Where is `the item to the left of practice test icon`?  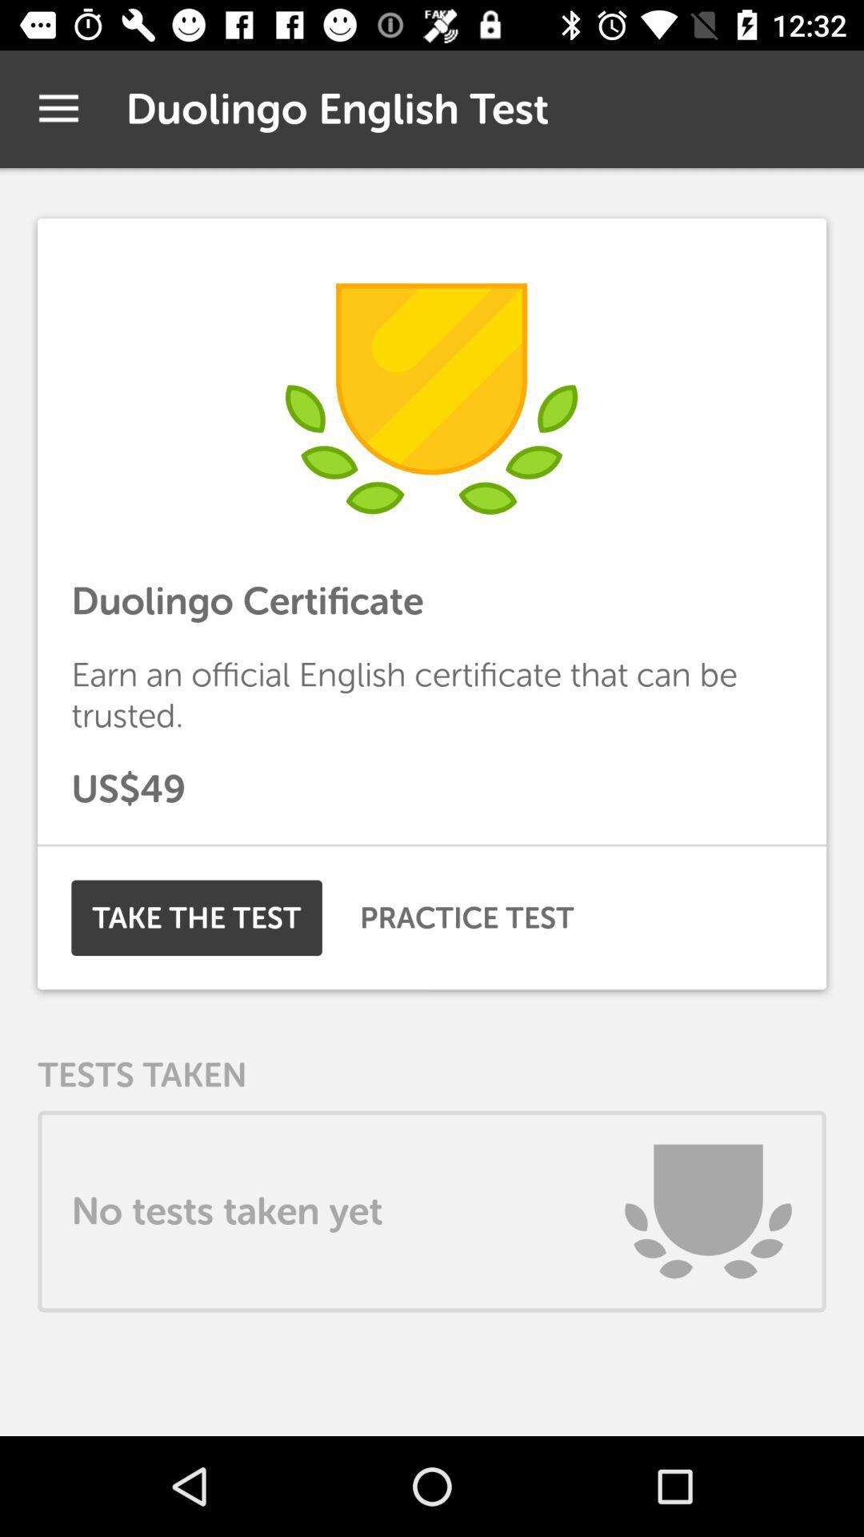 the item to the left of practice test icon is located at coordinates (196, 917).